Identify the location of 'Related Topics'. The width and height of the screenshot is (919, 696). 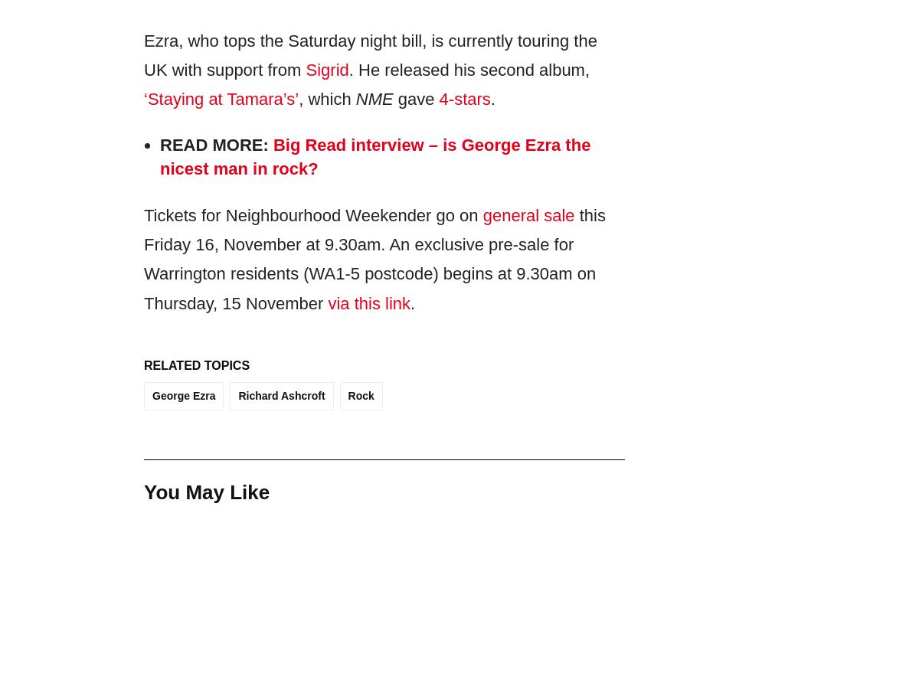
(143, 365).